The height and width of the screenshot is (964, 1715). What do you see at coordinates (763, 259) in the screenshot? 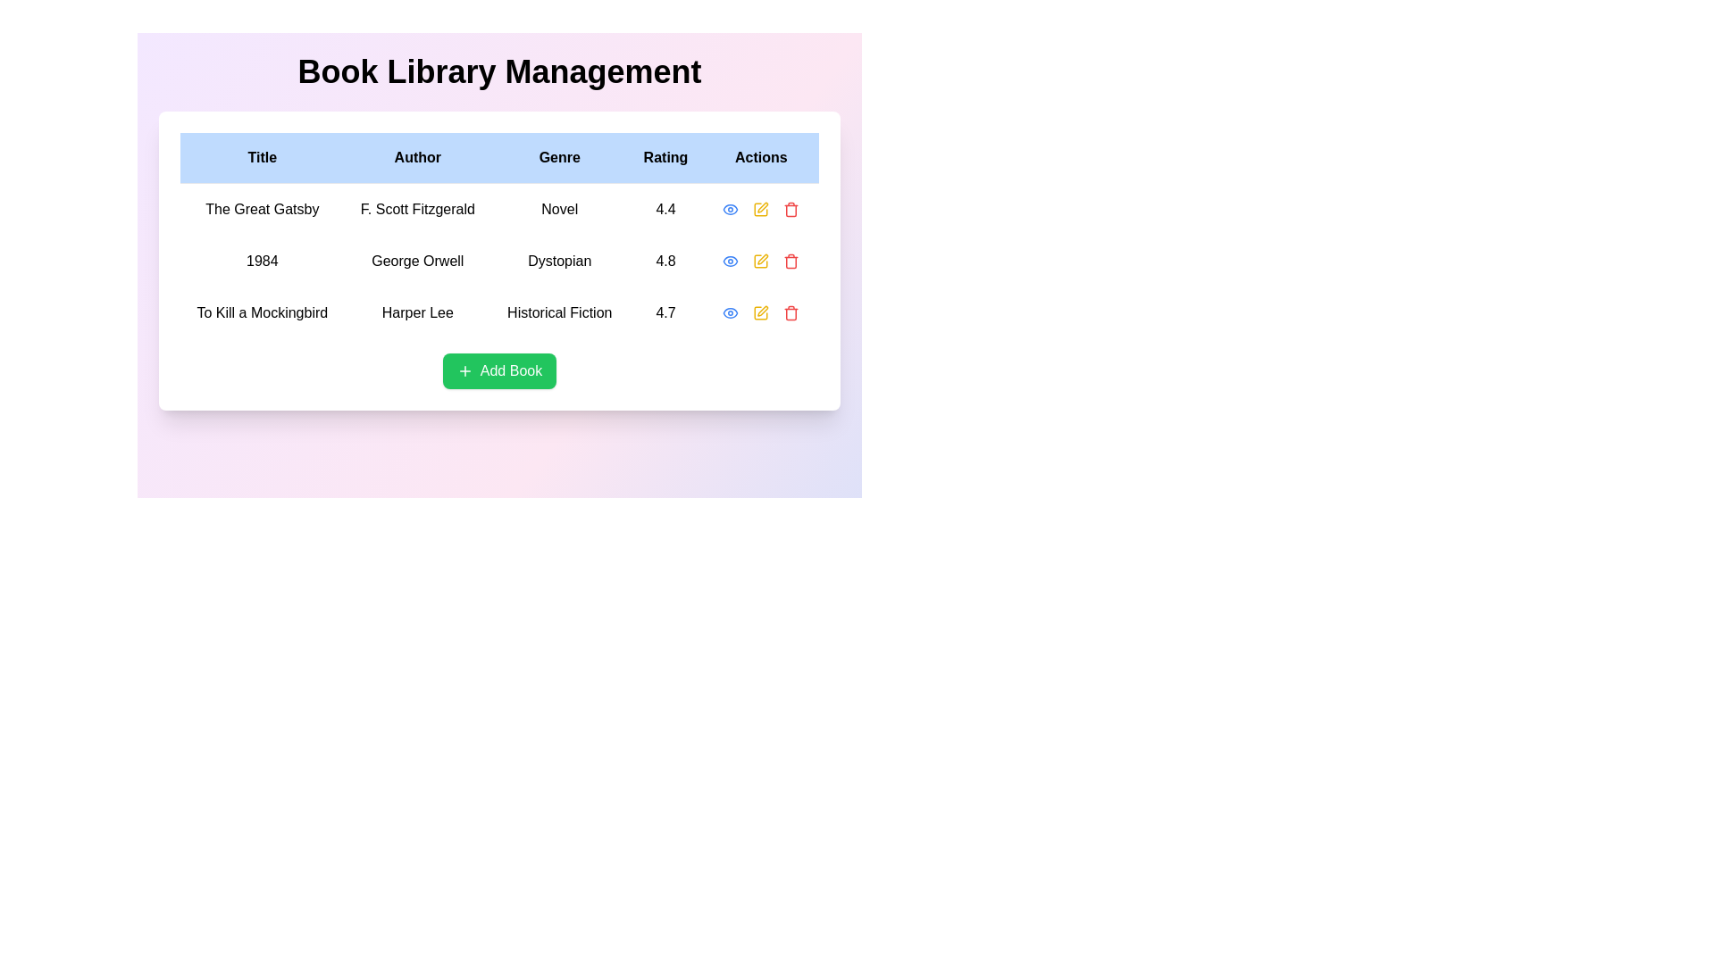
I see `the edit icon styled as a pen or pencil, which is the second icon in the 'Actions' column for the book '1984'` at bounding box center [763, 259].